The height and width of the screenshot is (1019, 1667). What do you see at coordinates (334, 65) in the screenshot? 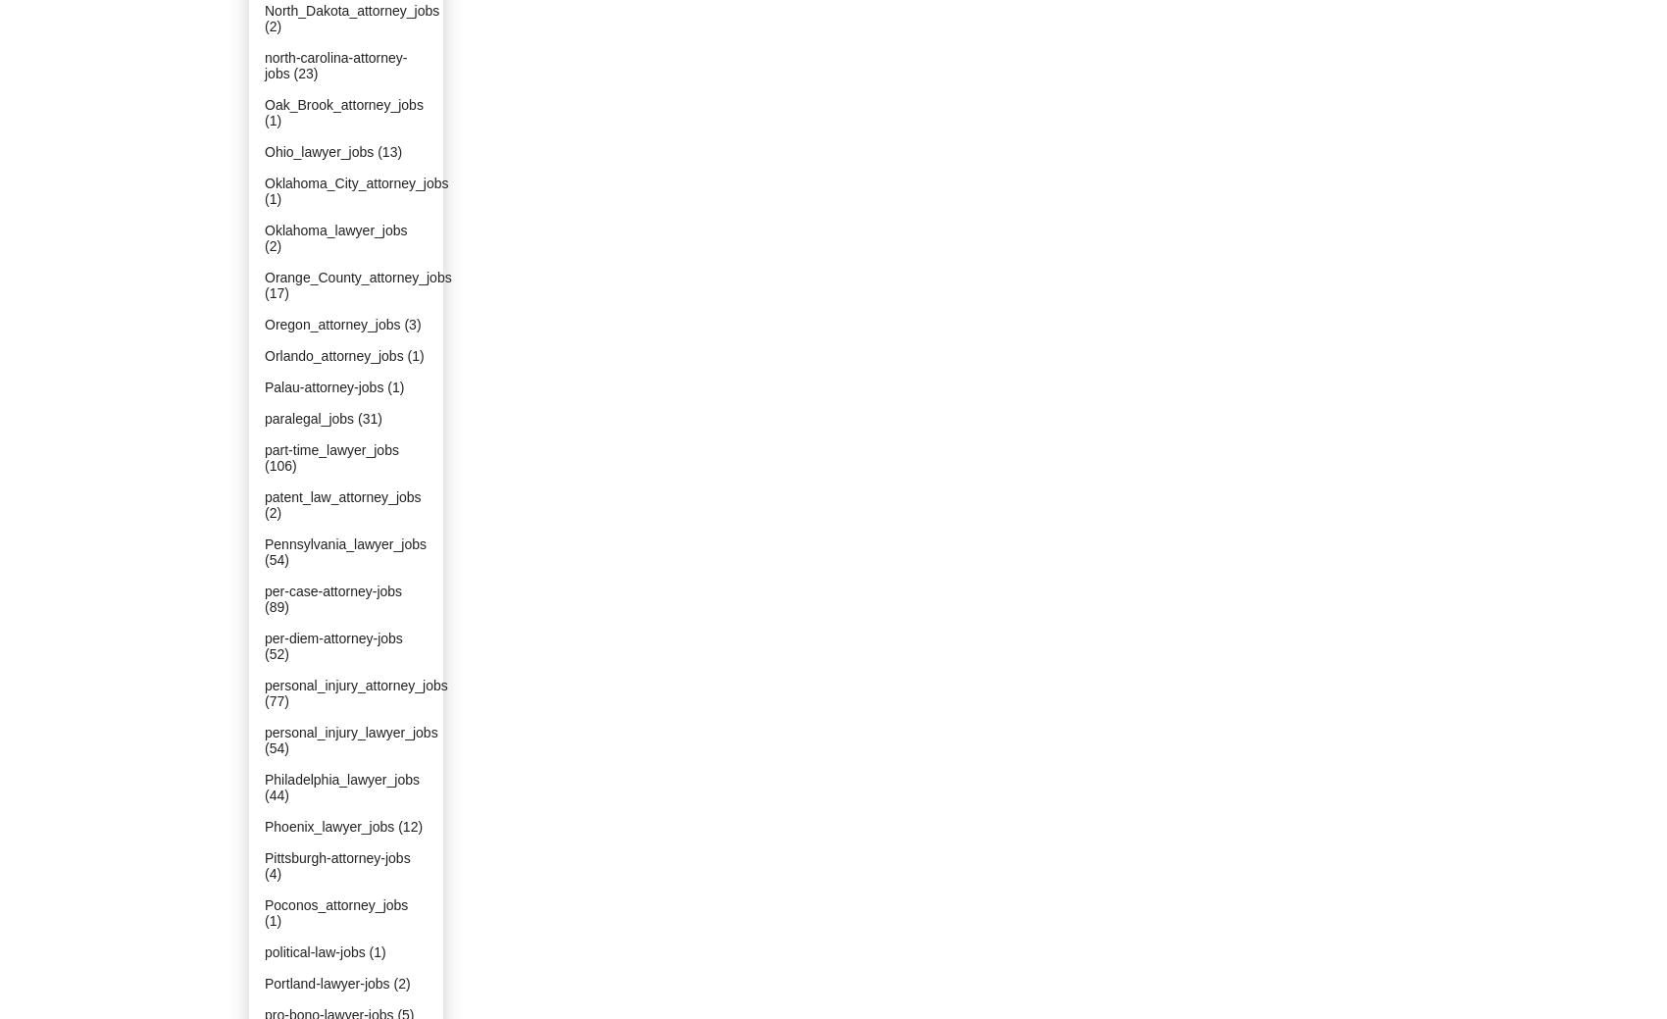
I see `'north-carolina-attorney-jobs'` at bounding box center [334, 65].